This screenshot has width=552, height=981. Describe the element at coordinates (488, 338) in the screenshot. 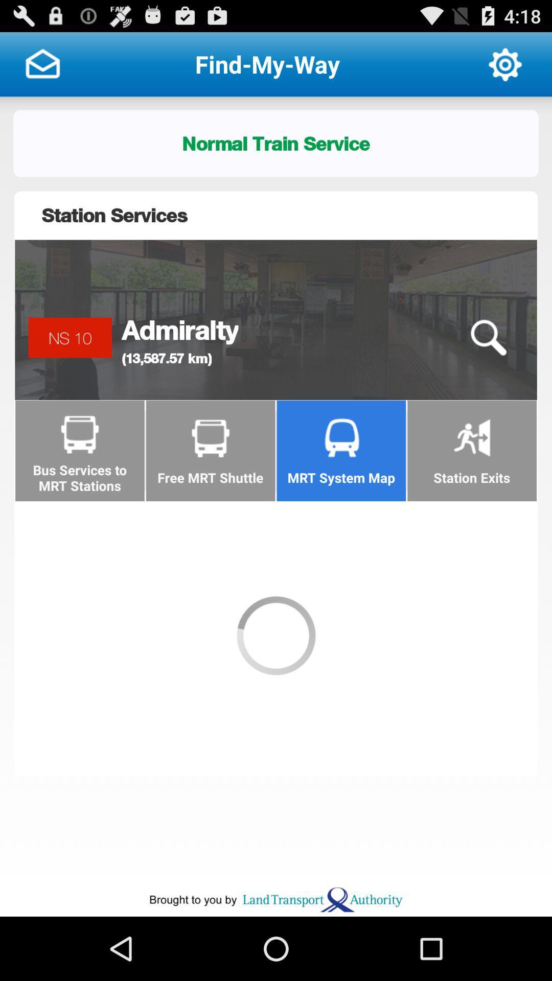

I see `zoom option` at that location.